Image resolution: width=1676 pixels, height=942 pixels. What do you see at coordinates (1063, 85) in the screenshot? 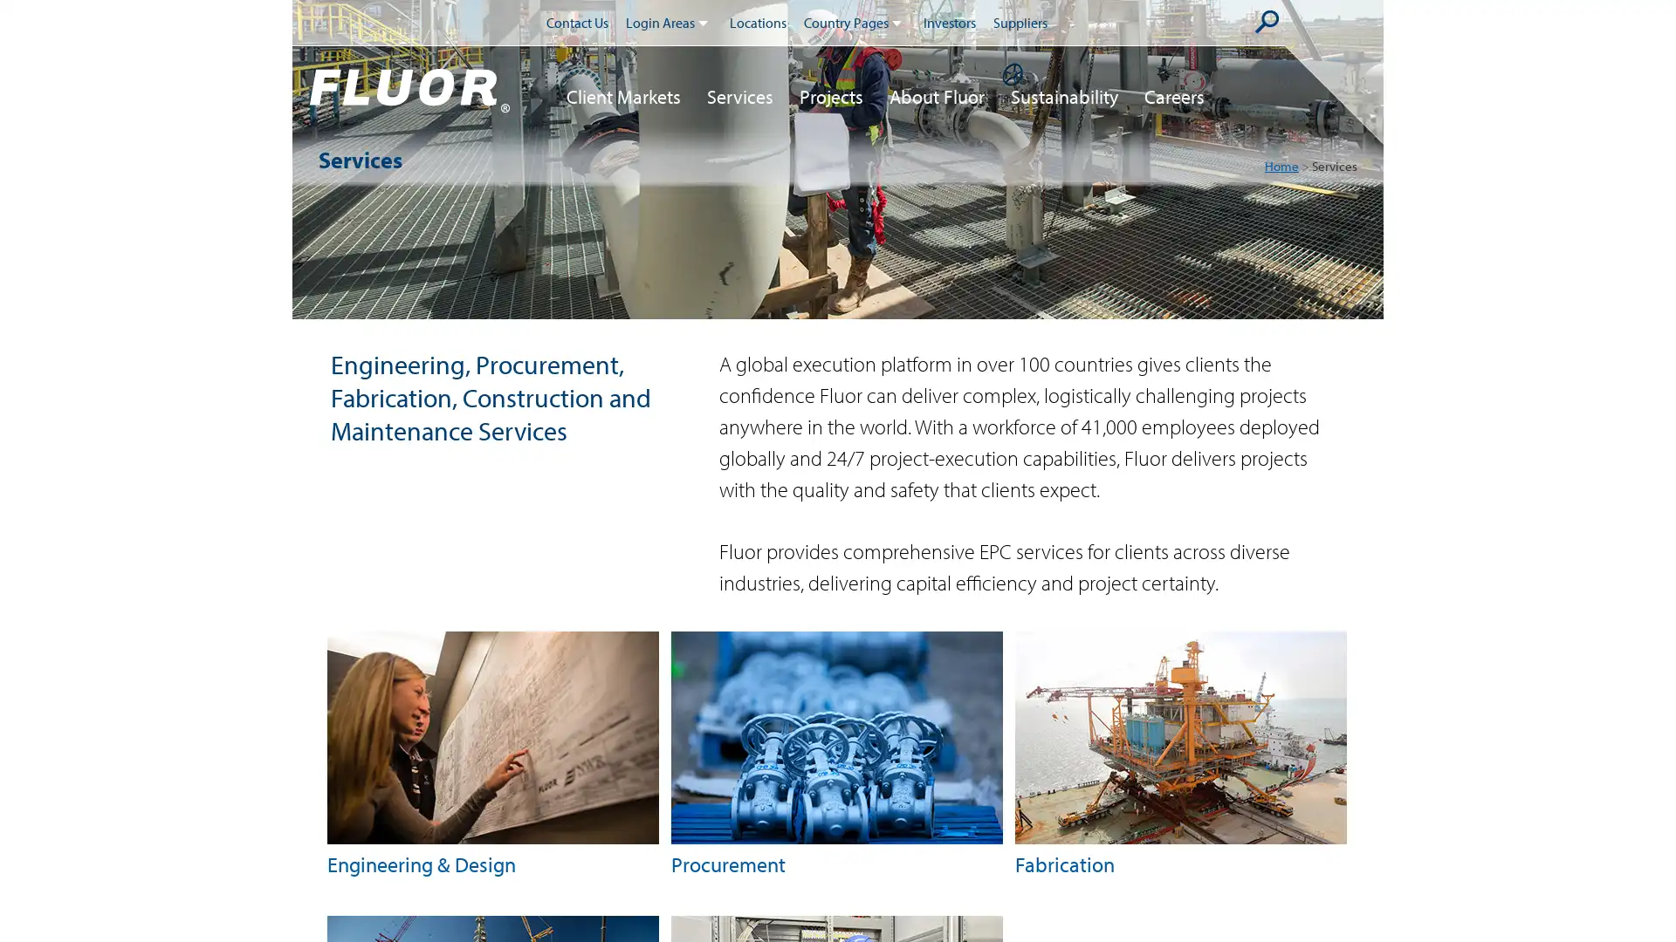
I see `Sustainability` at bounding box center [1063, 85].